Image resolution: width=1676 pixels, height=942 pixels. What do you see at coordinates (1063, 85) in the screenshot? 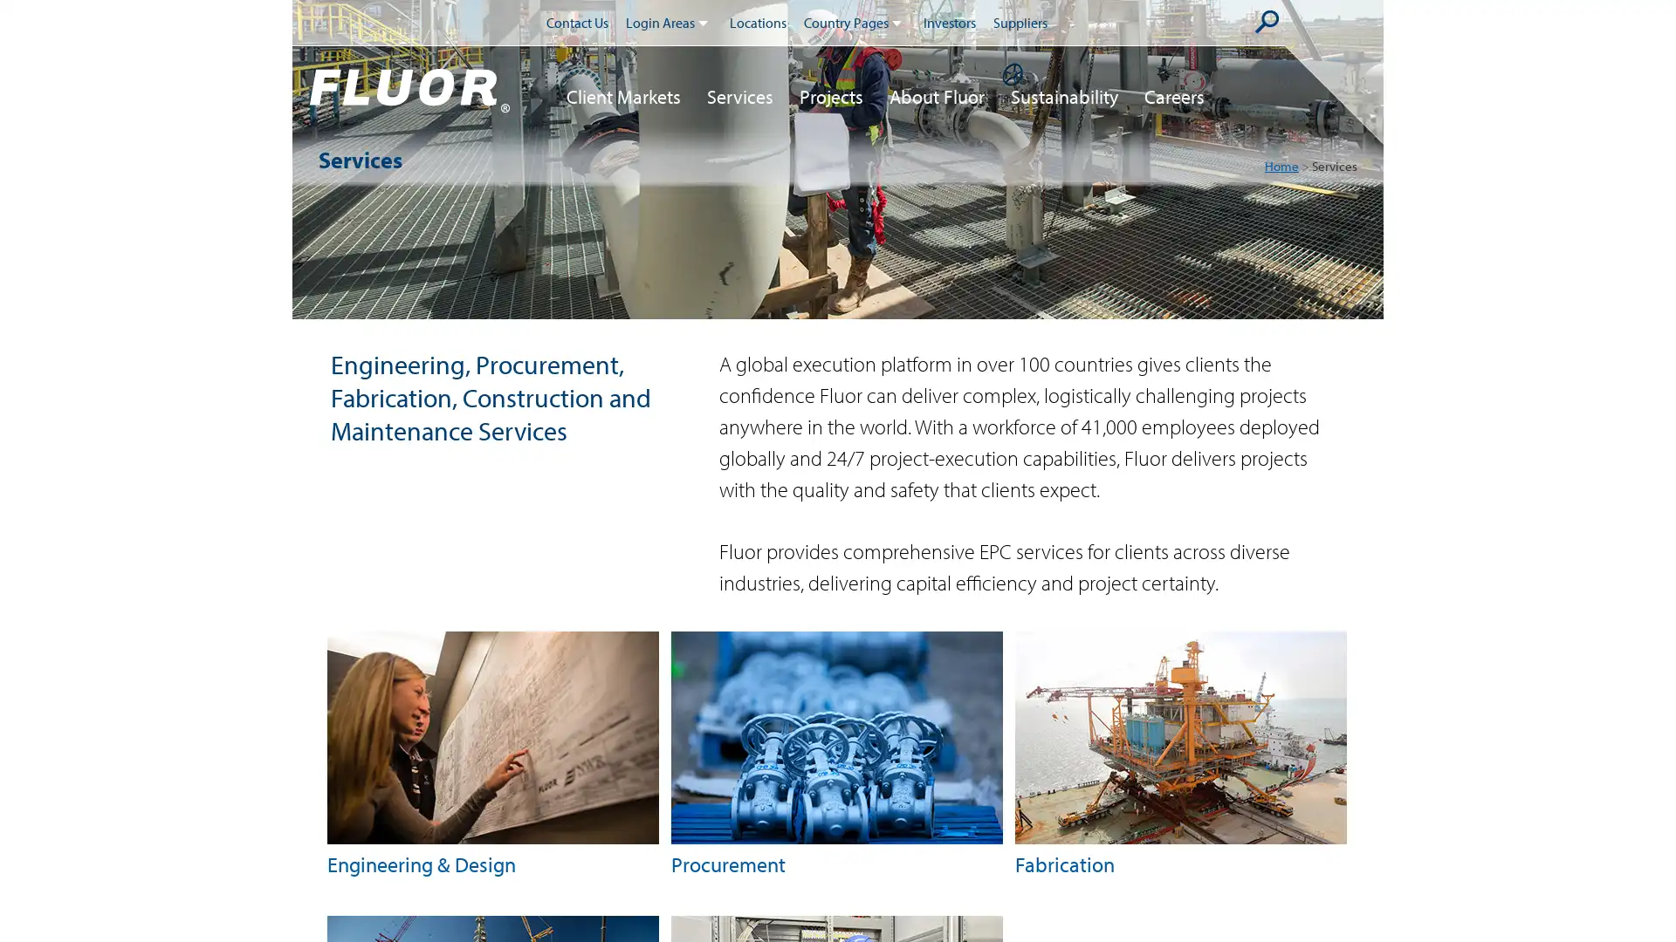
I see `Sustainability` at bounding box center [1063, 85].